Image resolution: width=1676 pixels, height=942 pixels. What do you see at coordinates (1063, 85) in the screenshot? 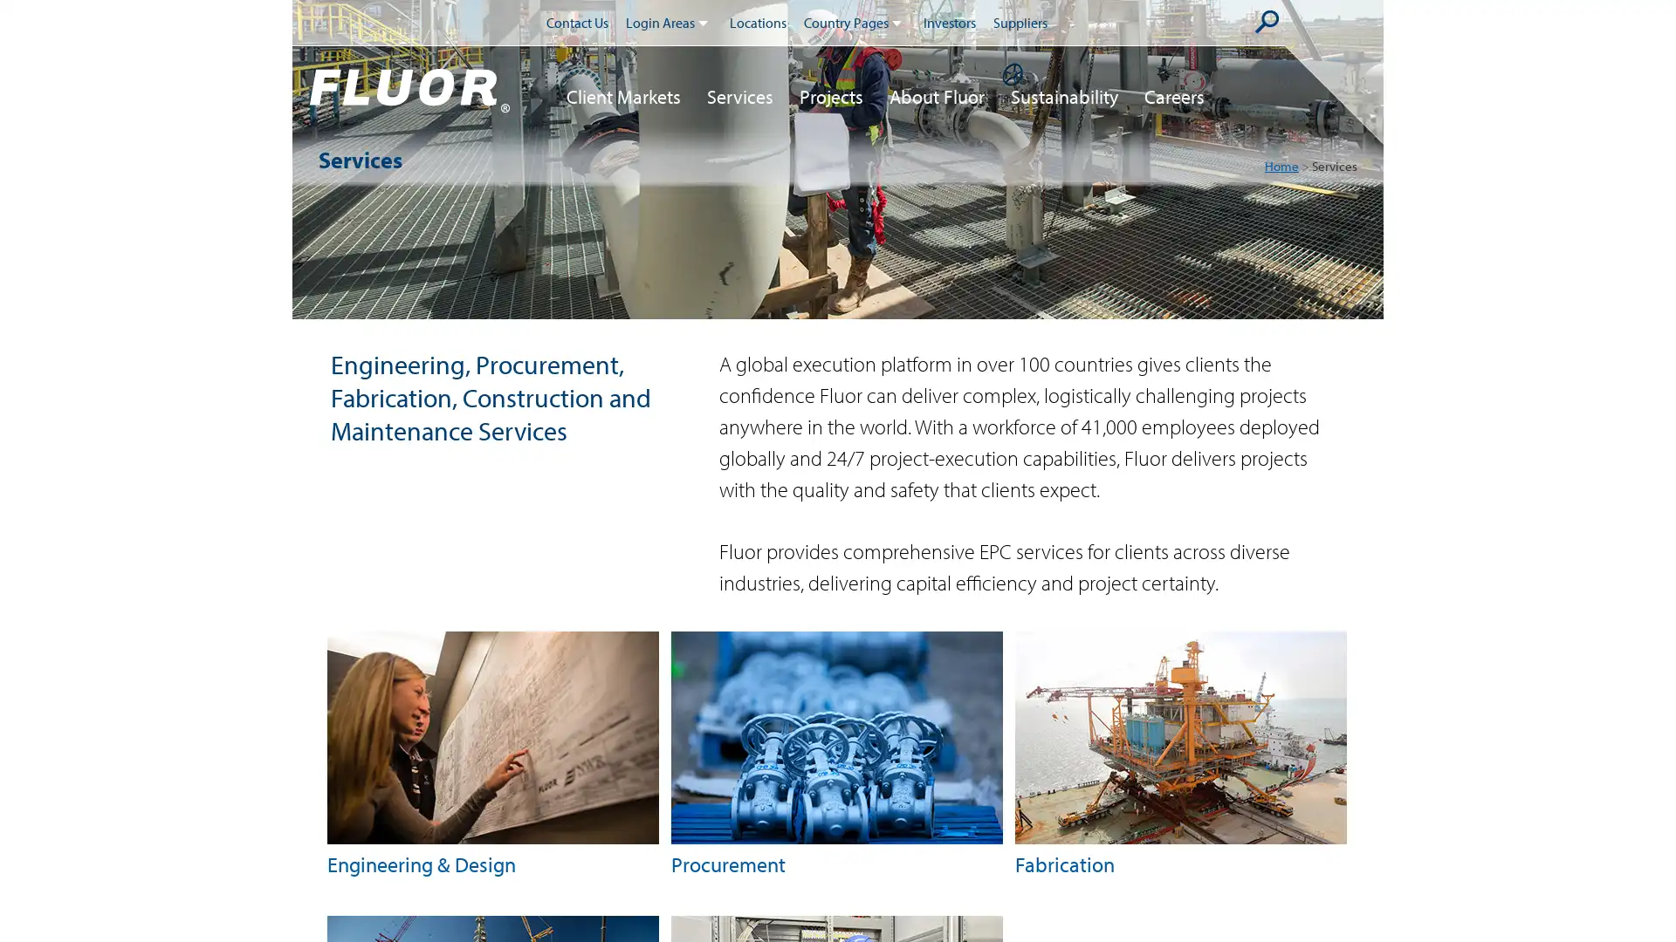
I see `Sustainability` at bounding box center [1063, 85].